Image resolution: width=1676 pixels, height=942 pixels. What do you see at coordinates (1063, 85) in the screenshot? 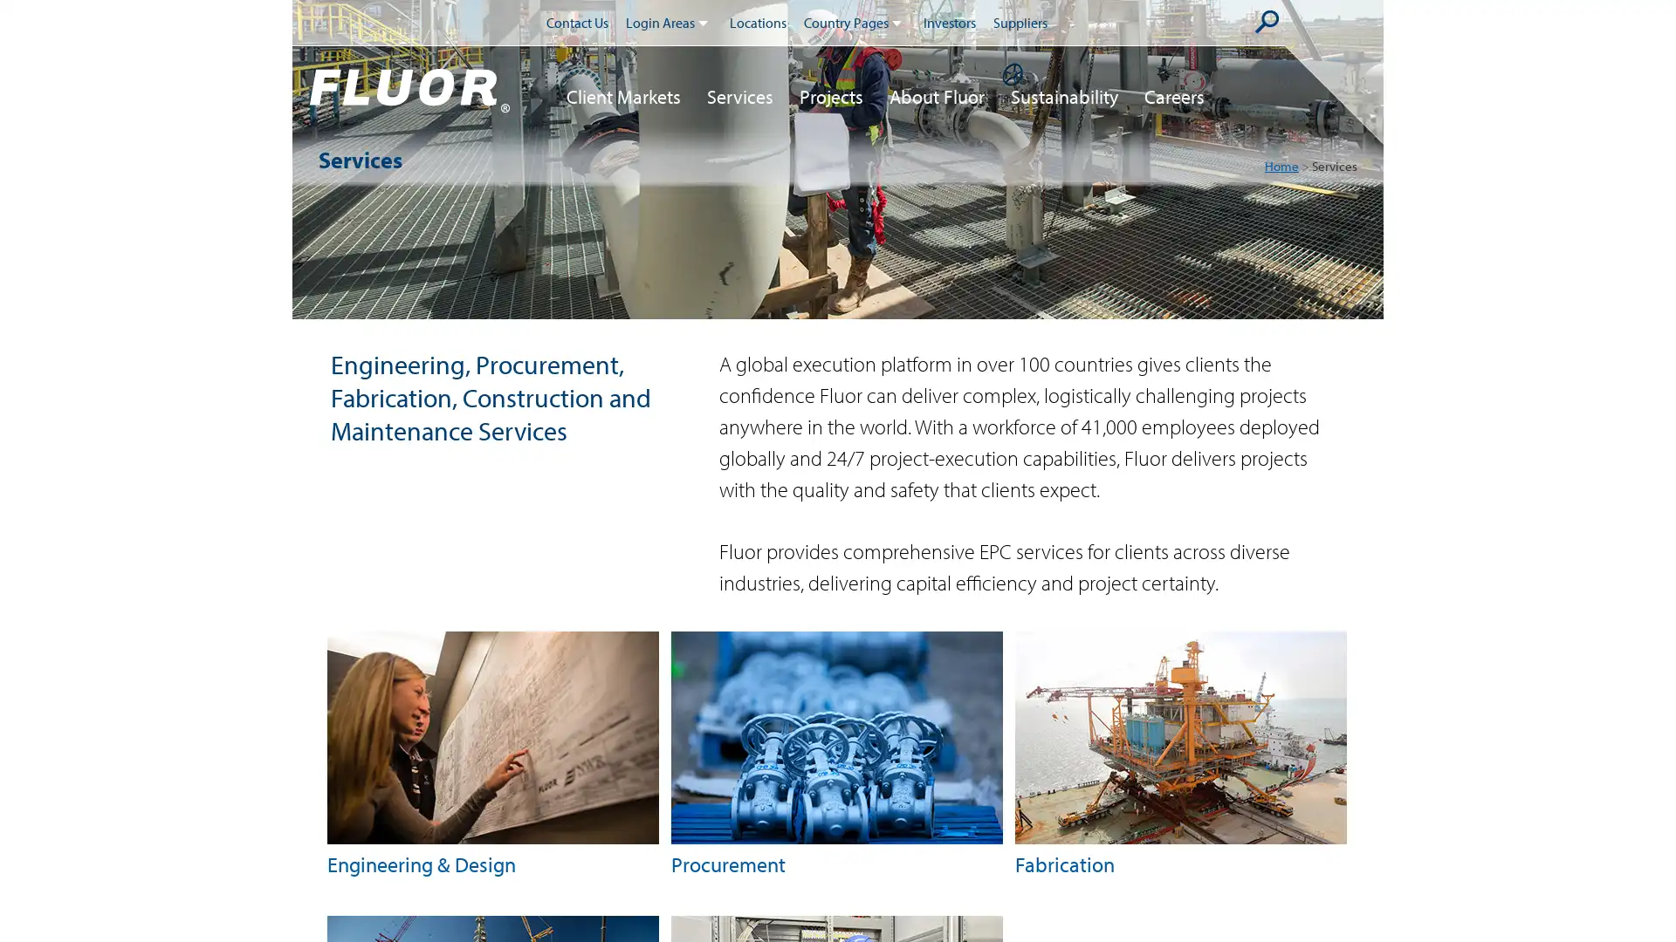
I see `Sustainability` at bounding box center [1063, 85].